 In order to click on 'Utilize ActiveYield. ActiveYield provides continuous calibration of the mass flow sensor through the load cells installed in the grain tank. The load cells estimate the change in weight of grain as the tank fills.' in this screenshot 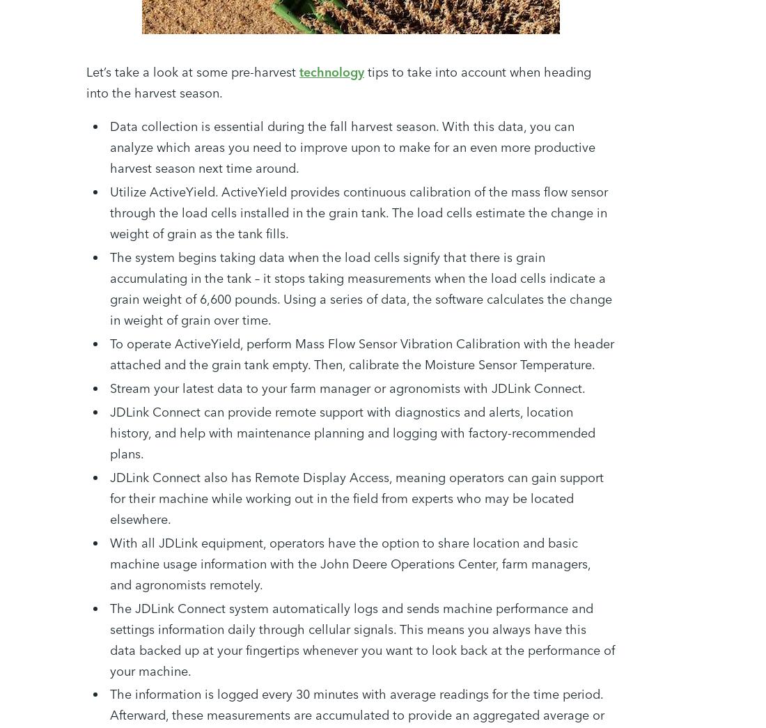, I will do `click(359, 212)`.